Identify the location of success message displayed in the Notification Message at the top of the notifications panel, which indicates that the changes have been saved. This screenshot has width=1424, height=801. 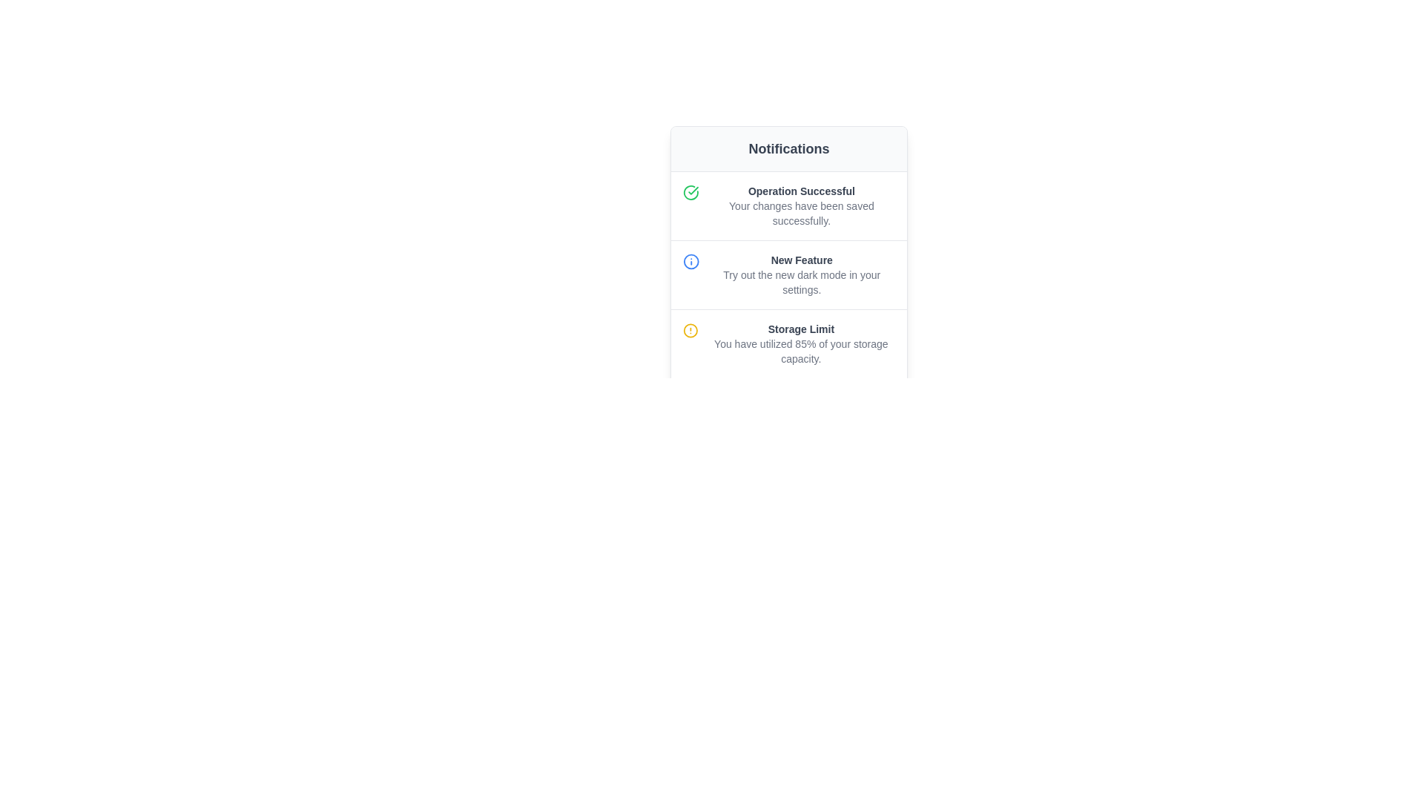
(788, 205).